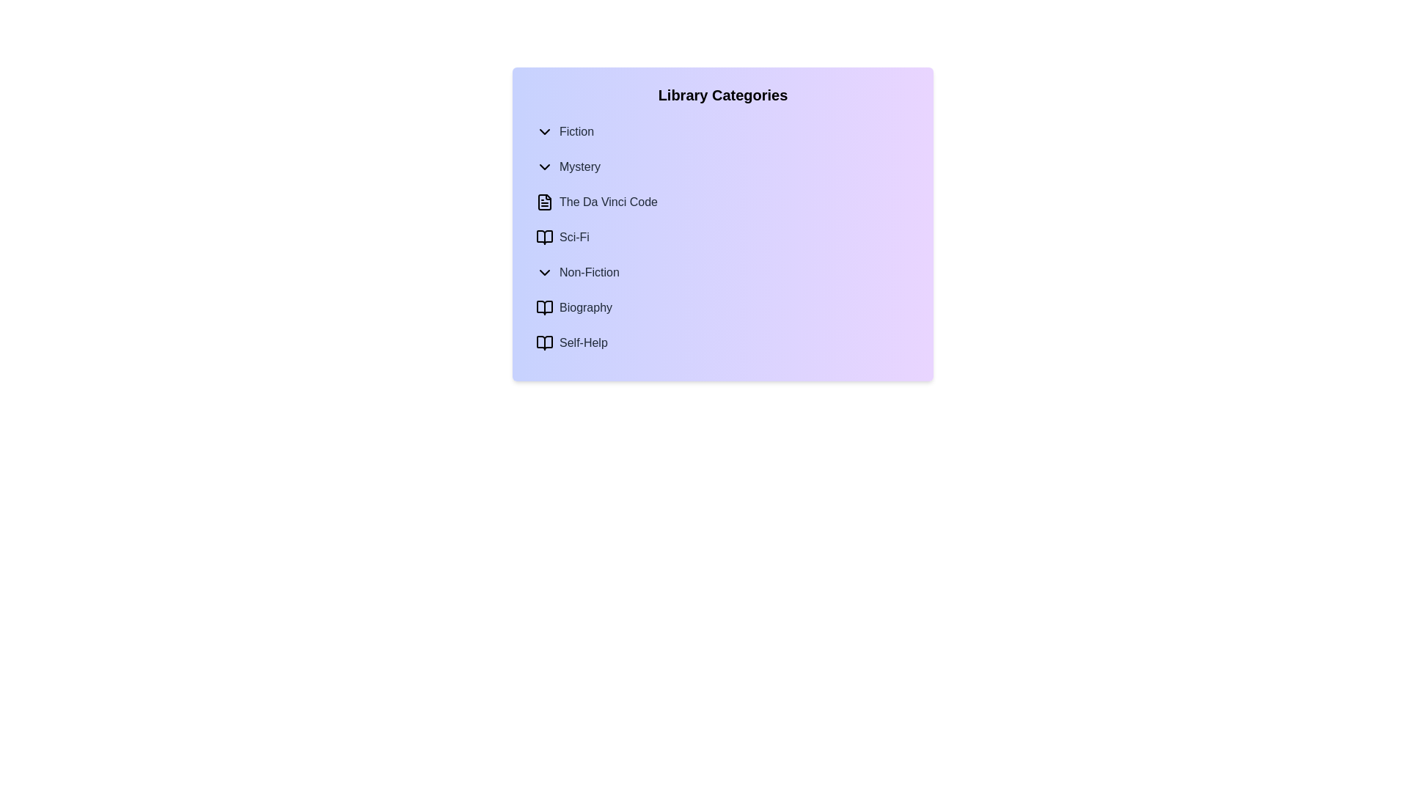 This screenshot has width=1408, height=792. I want to click on the Biography icon located next to the 'Biography' label in the Non-Fiction section of the navigation menu, so click(544, 307).